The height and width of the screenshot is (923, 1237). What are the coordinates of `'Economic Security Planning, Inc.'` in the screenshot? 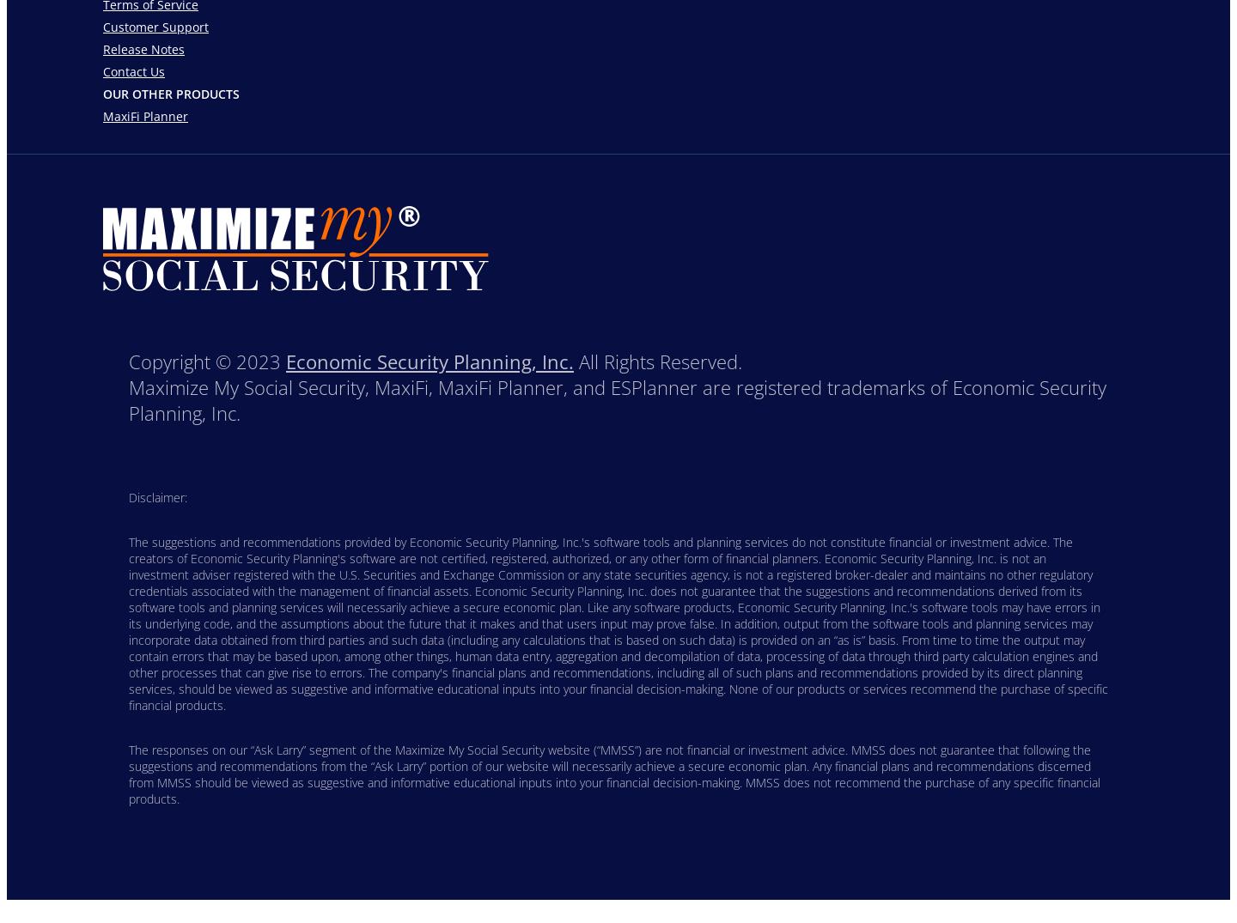 It's located at (429, 360).